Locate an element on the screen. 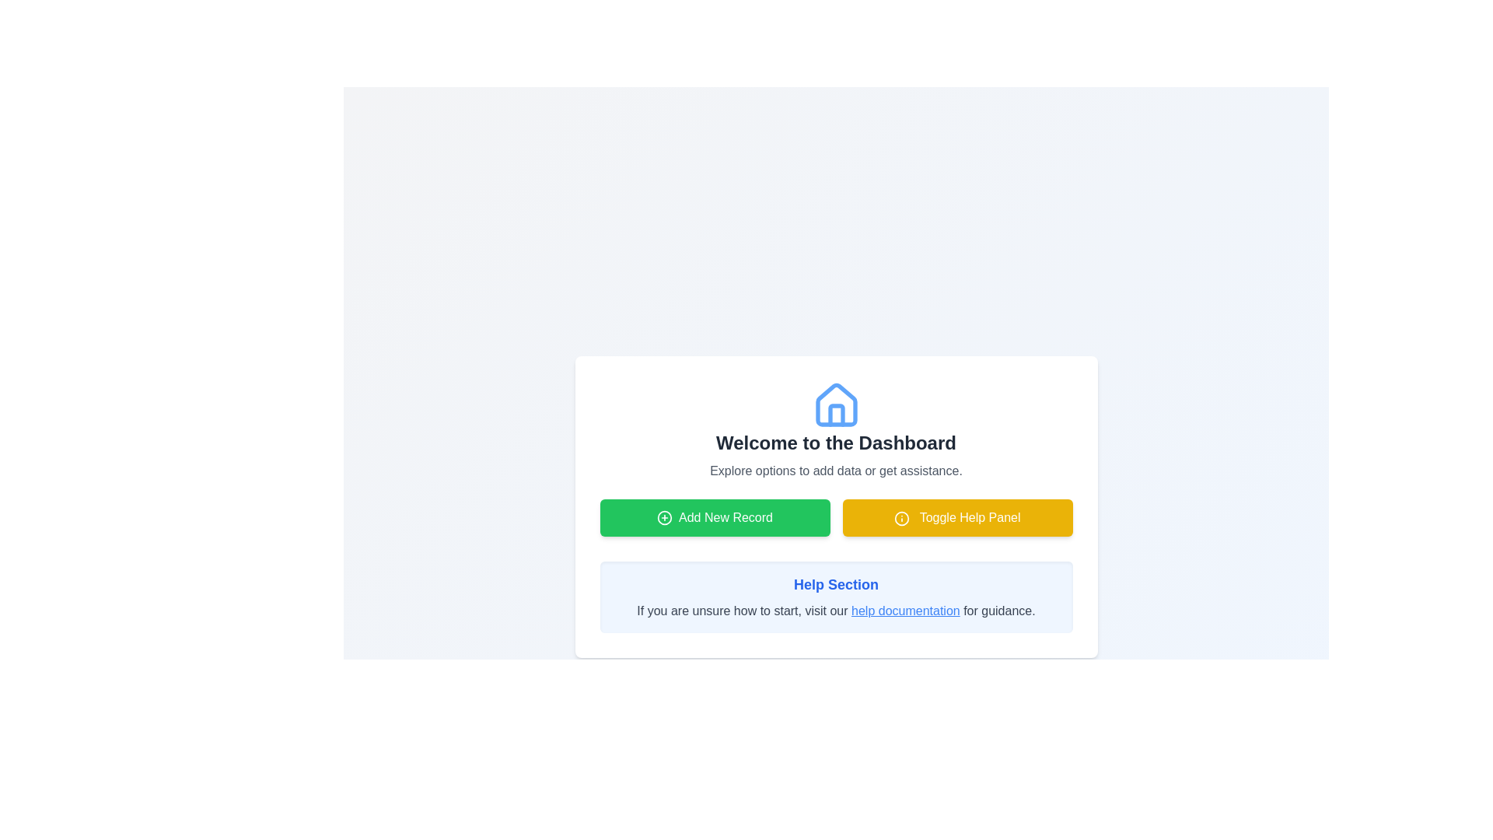  the help icon located to the immediate left of the text inside the 'Toggle Help Panel' button for contextual information is located at coordinates (902, 518).